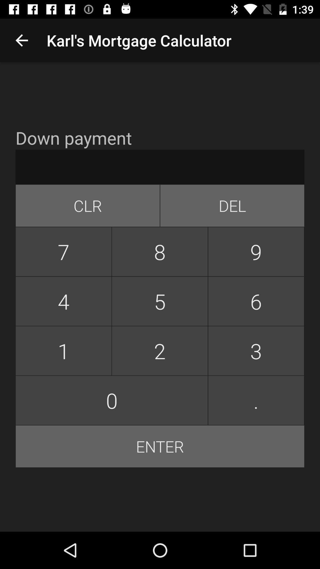  I want to click on icon above the 2 item, so click(256, 301).